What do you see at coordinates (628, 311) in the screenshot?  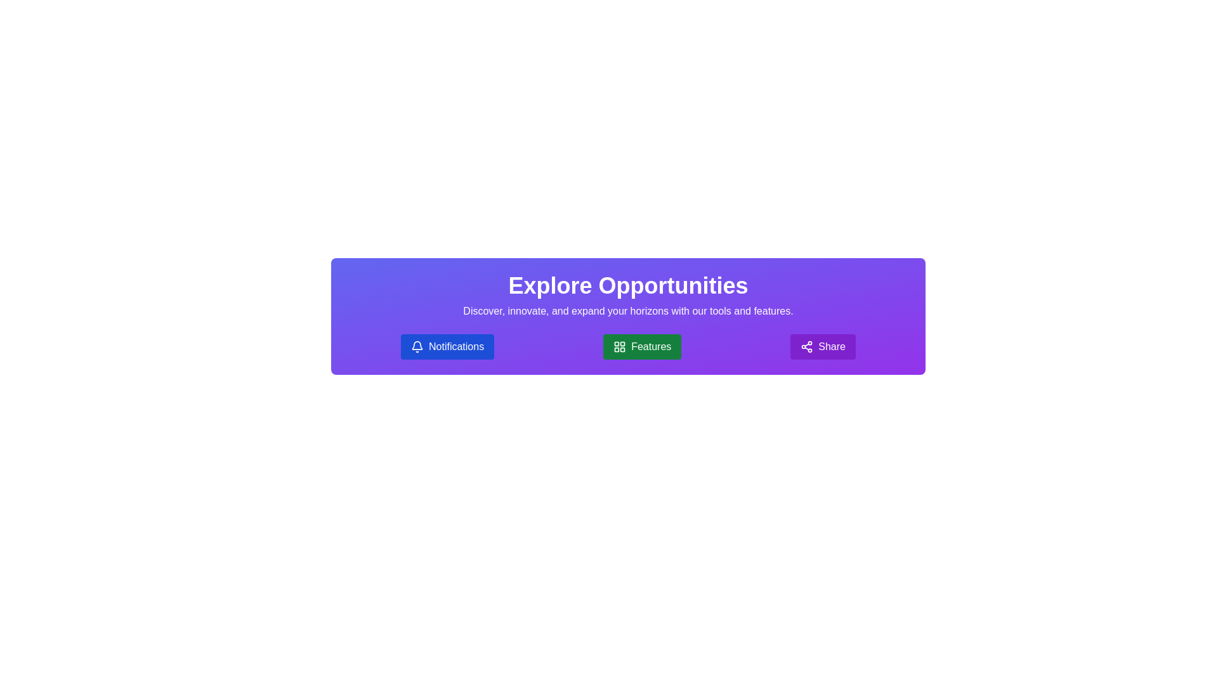 I see `the Text display element located below the 'Explore Opportunities' heading, which provides descriptive information and encourages exploration of resources` at bounding box center [628, 311].